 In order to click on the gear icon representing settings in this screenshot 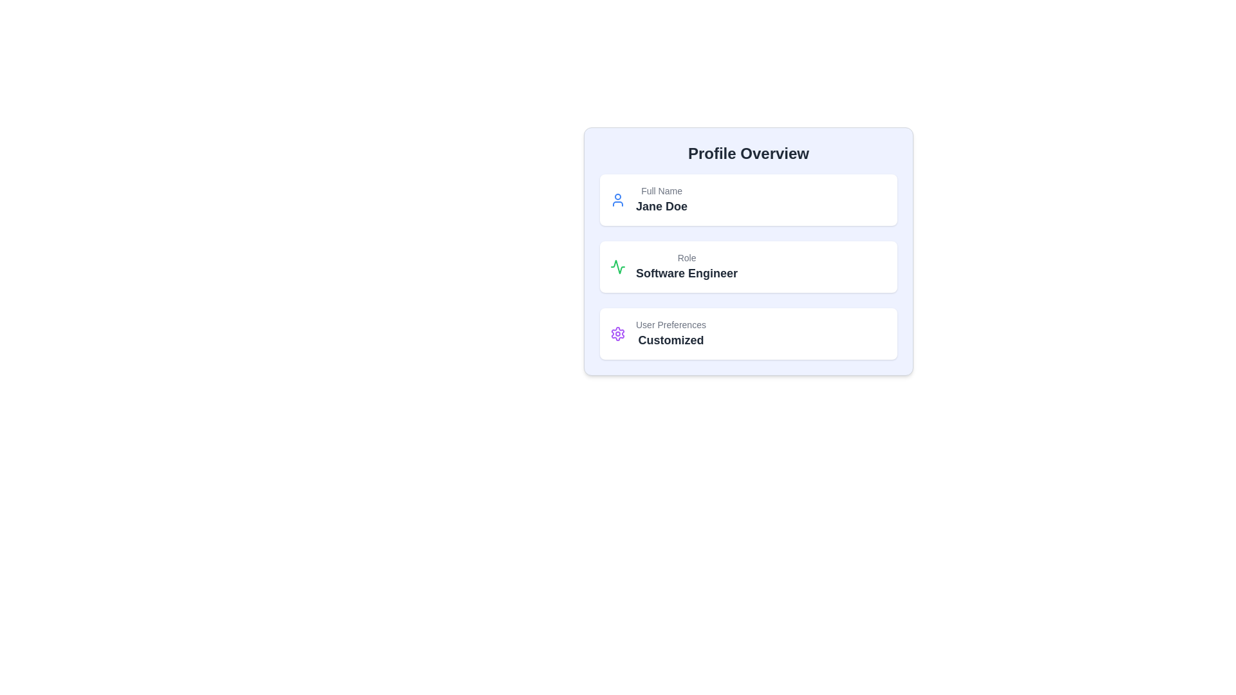, I will do `click(618, 333)`.